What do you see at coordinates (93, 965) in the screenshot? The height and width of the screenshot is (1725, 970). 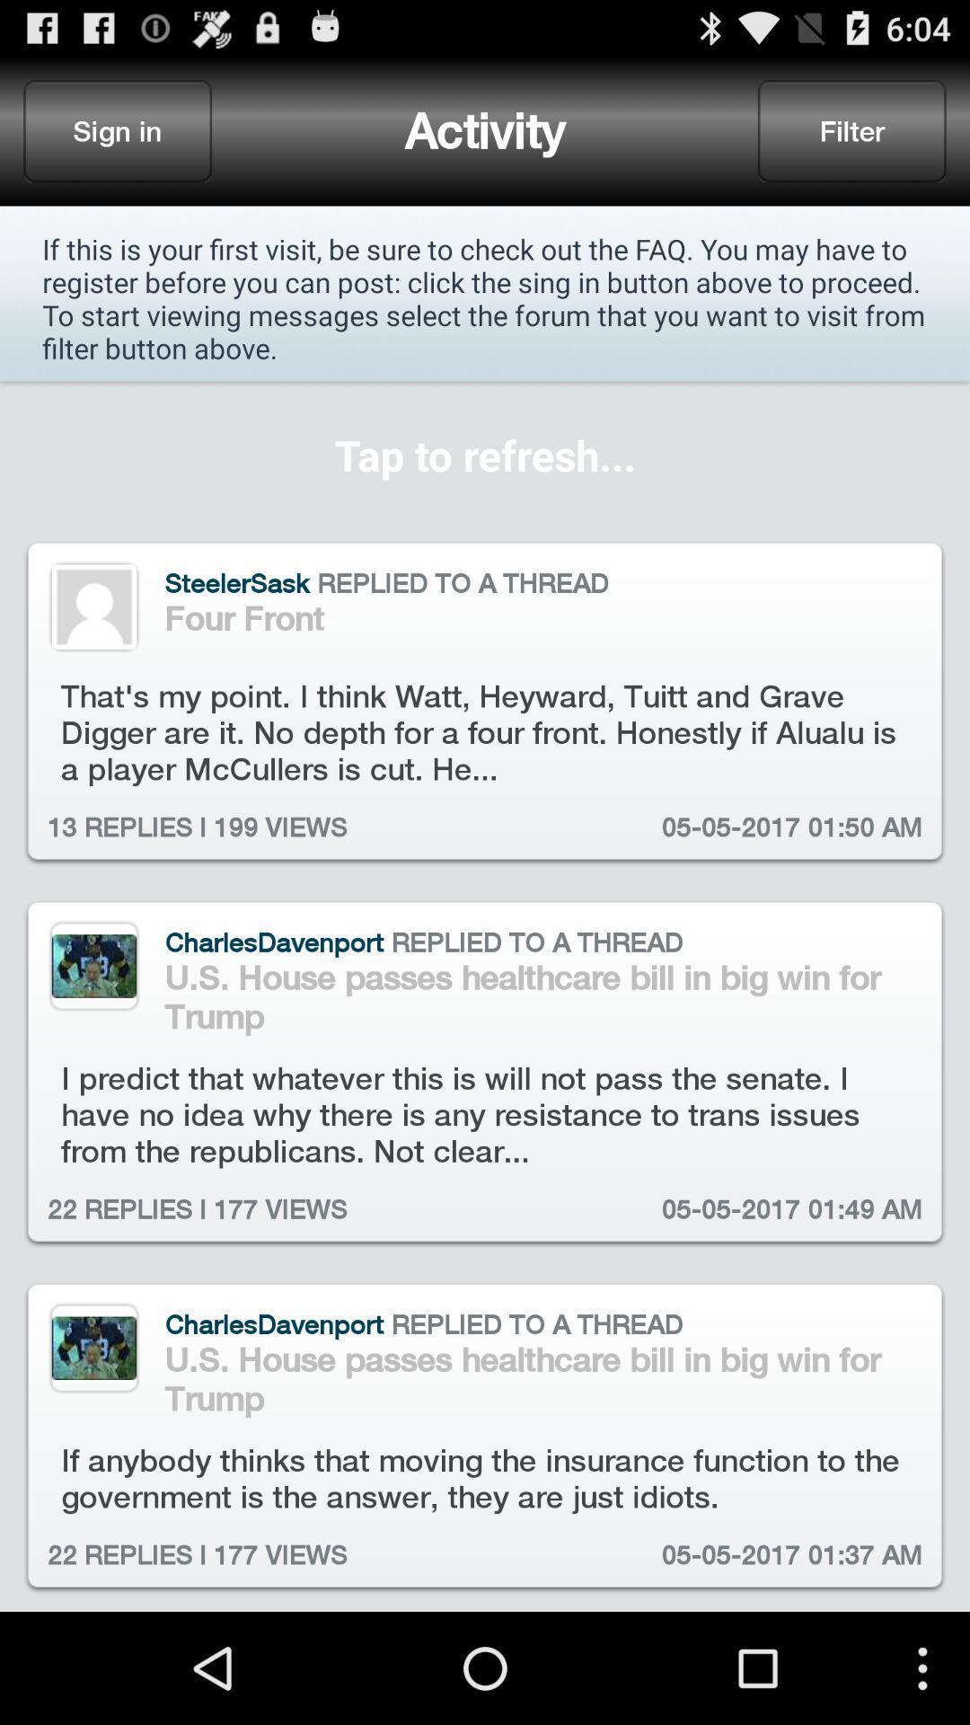 I see `image` at bounding box center [93, 965].